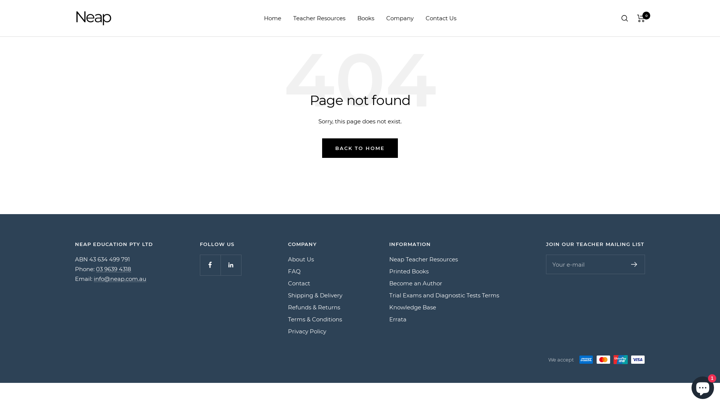 Image resolution: width=720 pixels, height=405 pixels. Describe the element at coordinates (640, 17) in the screenshot. I see `'0'` at that location.